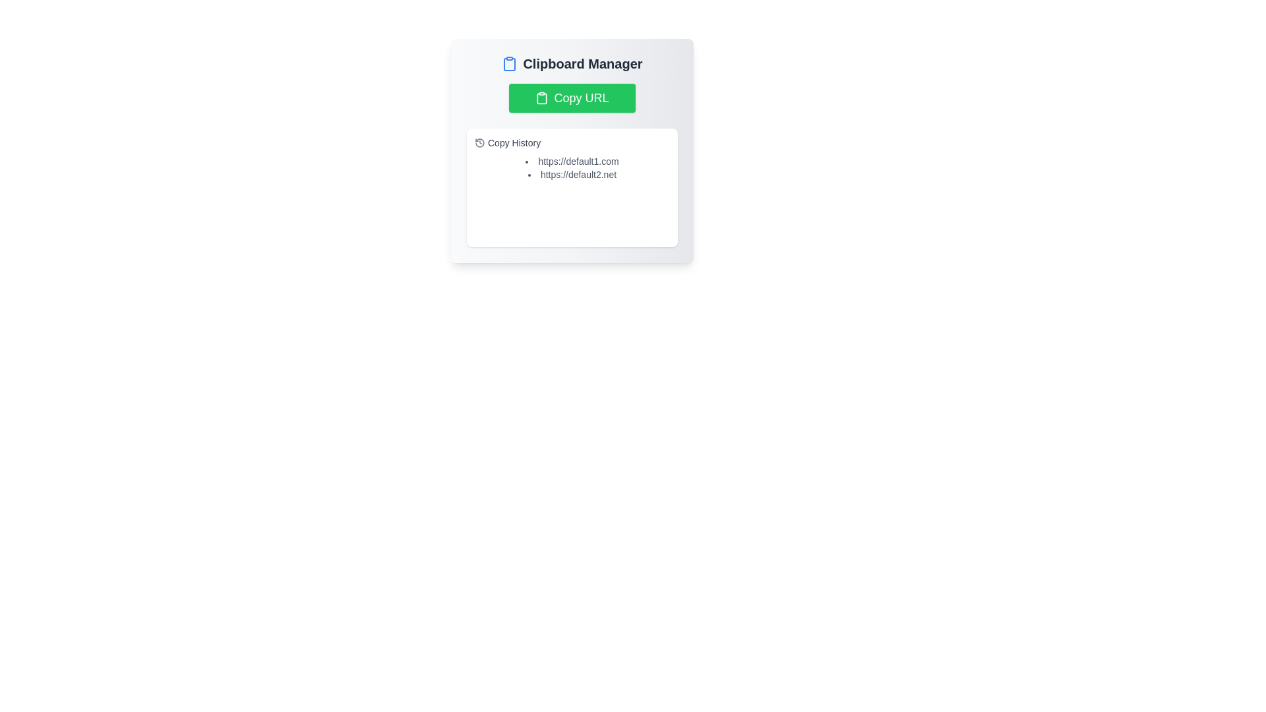 This screenshot has width=1266, height=712. What do you see at coordinates (572, 98) in the screenshot?
I see `the button located below the title 'Clipboard Manager'` at bounding box center [572, 98].